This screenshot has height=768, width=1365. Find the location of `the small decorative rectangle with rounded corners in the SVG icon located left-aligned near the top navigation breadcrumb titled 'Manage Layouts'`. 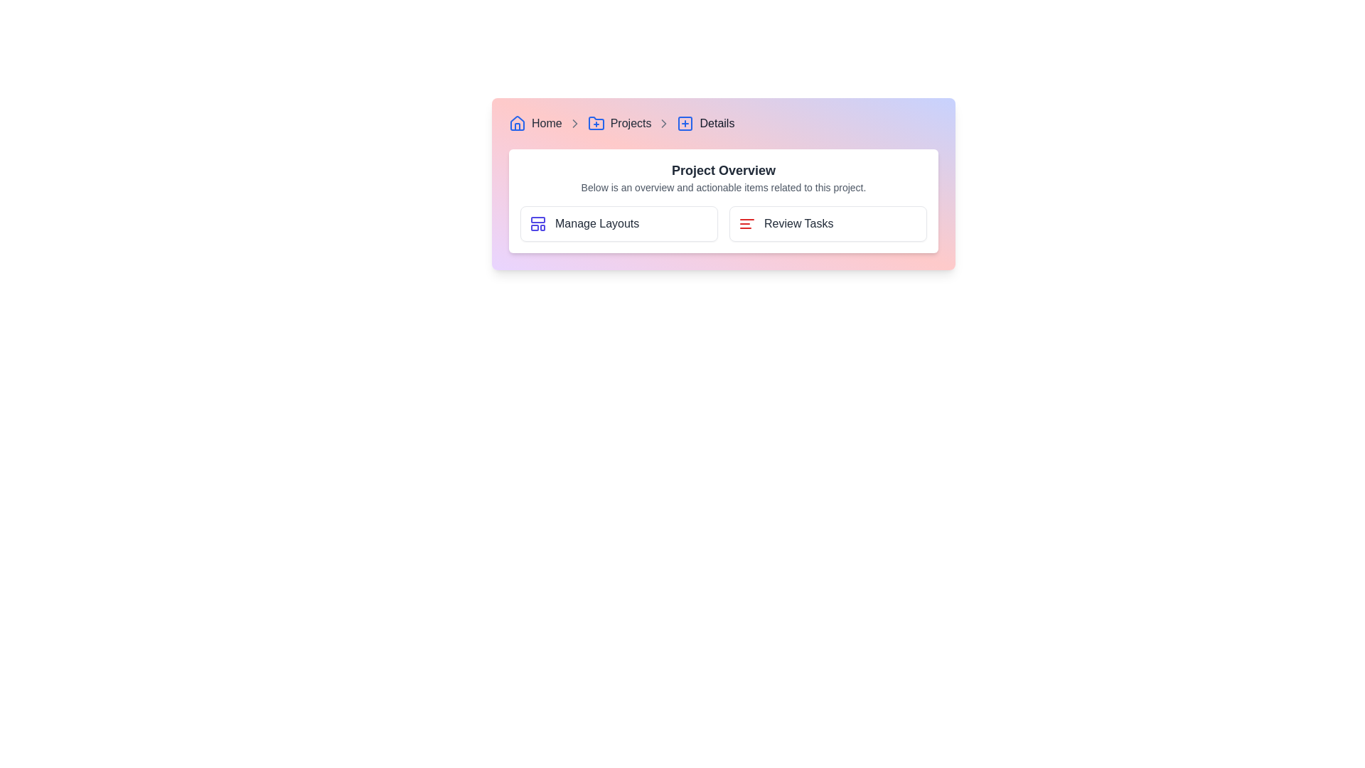

the small decorative rectangle with rounded corners in the SVG icon located left-aligned near the top navigation breadcrumb titled 'Manage Layouts' is located at coordinates (537, 220).